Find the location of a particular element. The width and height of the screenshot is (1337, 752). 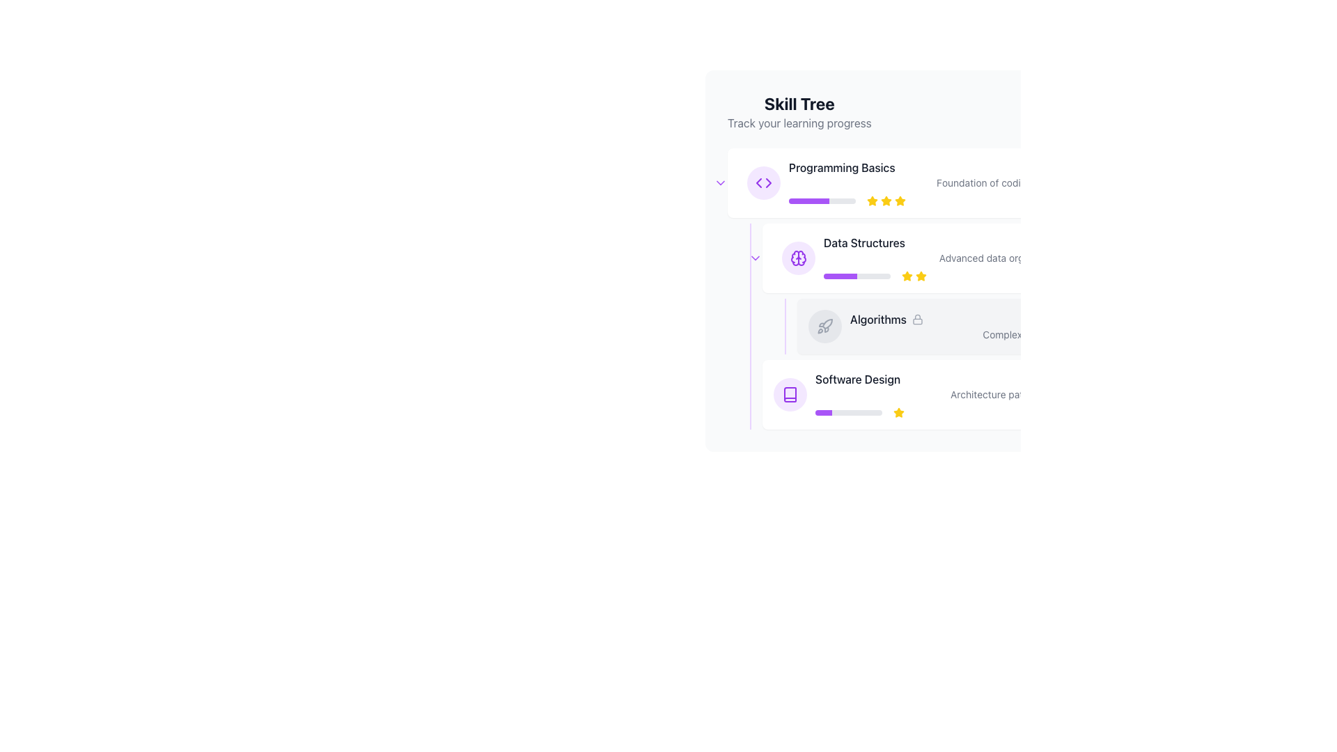

information displayed in the 'Algorithms' skill node, which indicates it is an unavailable skill in the skill tree, positioned between 'Data Structures' and 'Software Design' is located at coordinates (1019, 327).